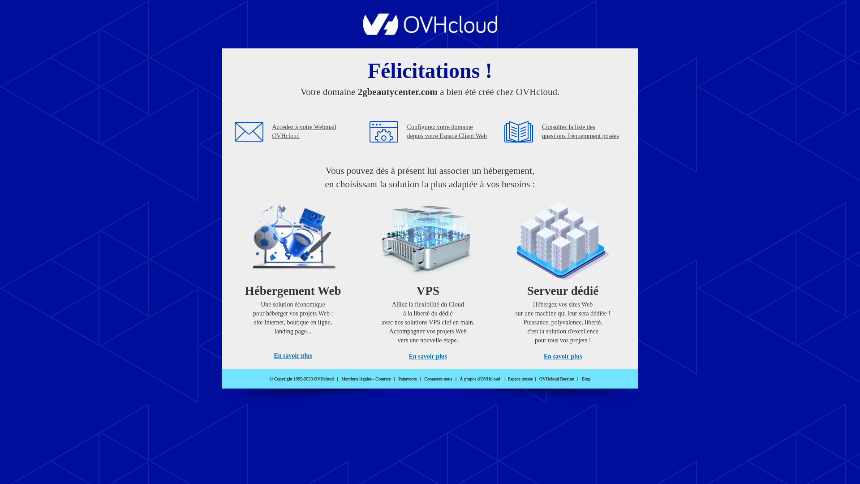 The image size is (860, 484). Describe the element at coordinates (427, 277) in the screenshot. I see `'VPS'` at that location.